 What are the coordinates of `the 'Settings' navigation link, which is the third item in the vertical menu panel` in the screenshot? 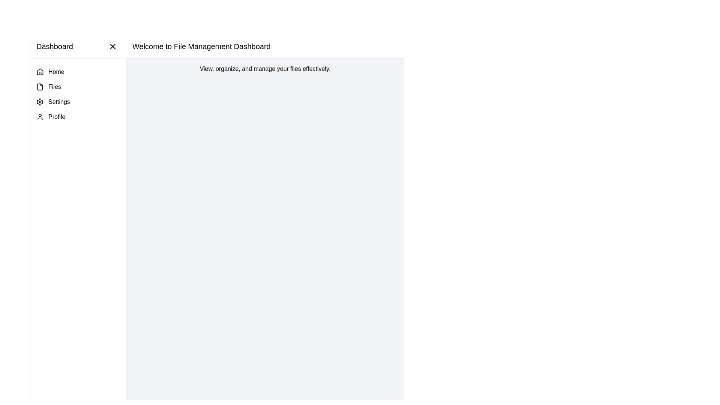 It's located at (78, 102).